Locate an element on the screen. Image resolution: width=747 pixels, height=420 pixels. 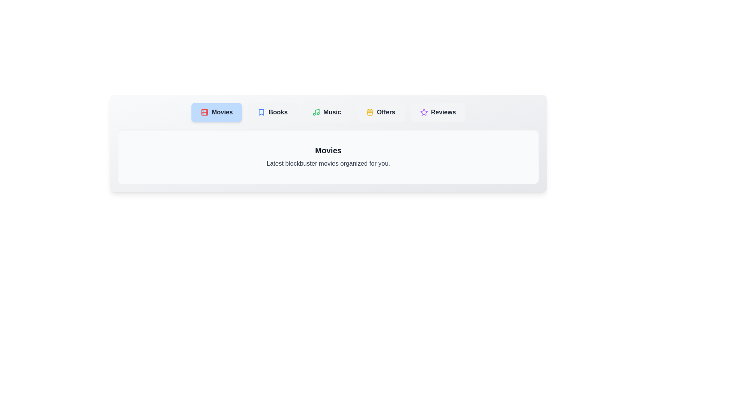
the Offers tab by clicking on its button is located at coordinates (381, 112).